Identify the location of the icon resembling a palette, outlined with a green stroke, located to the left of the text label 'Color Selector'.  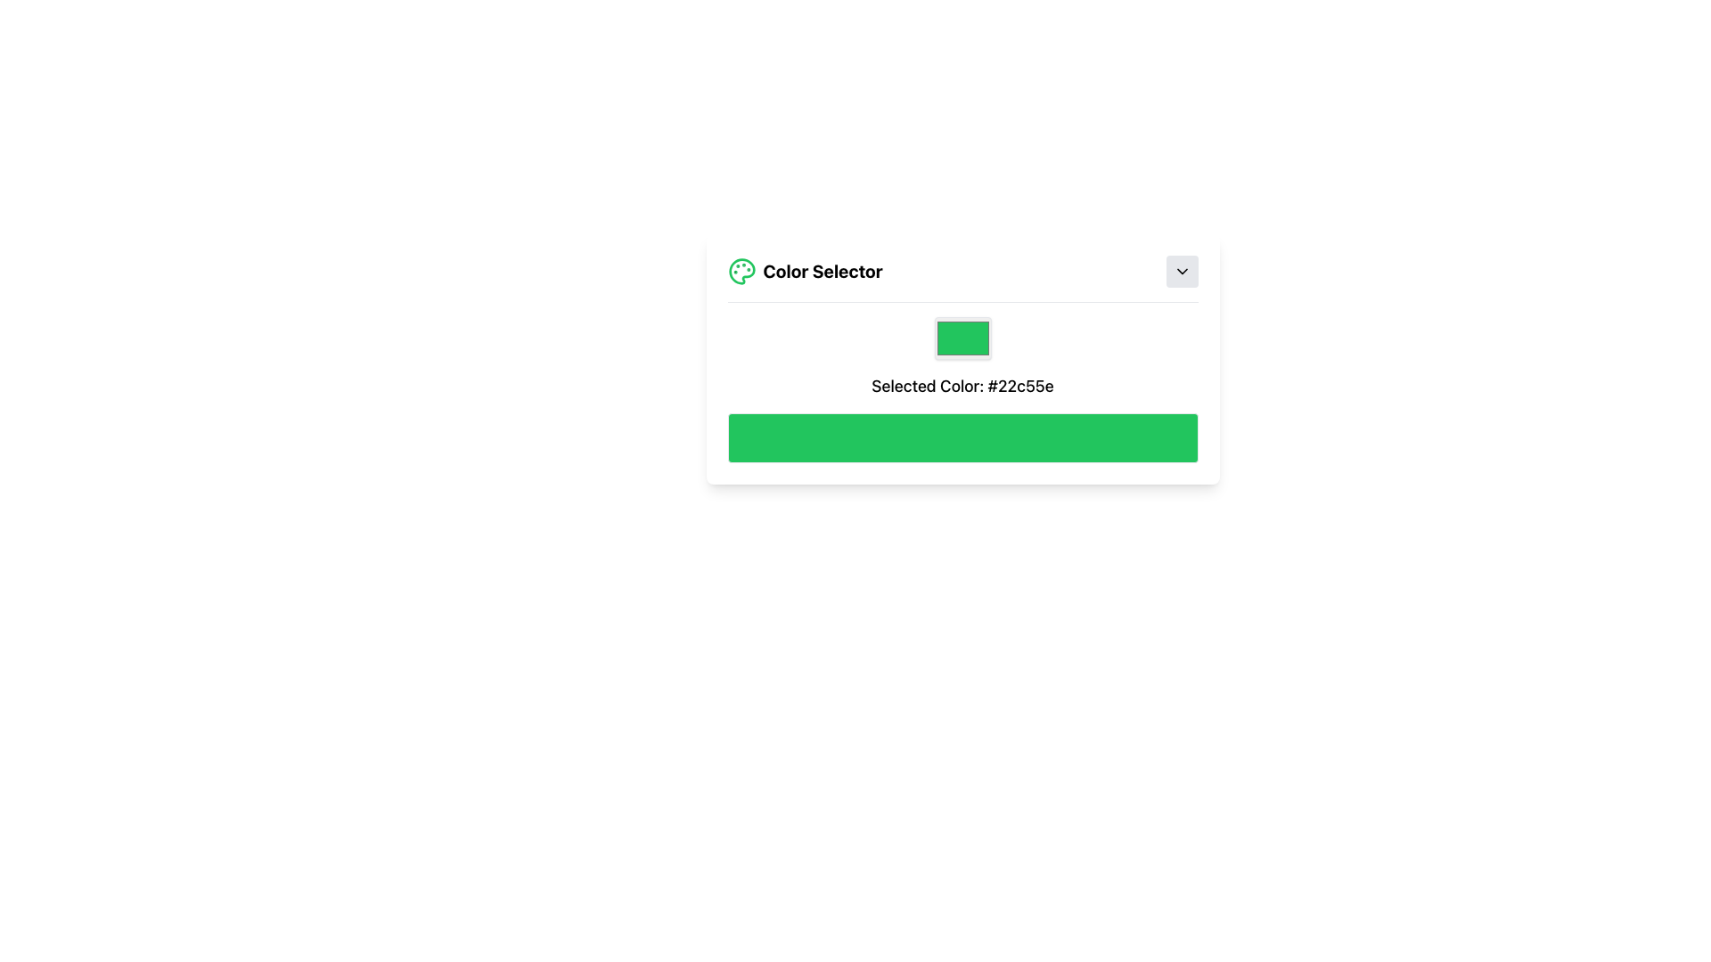
(741, 271).